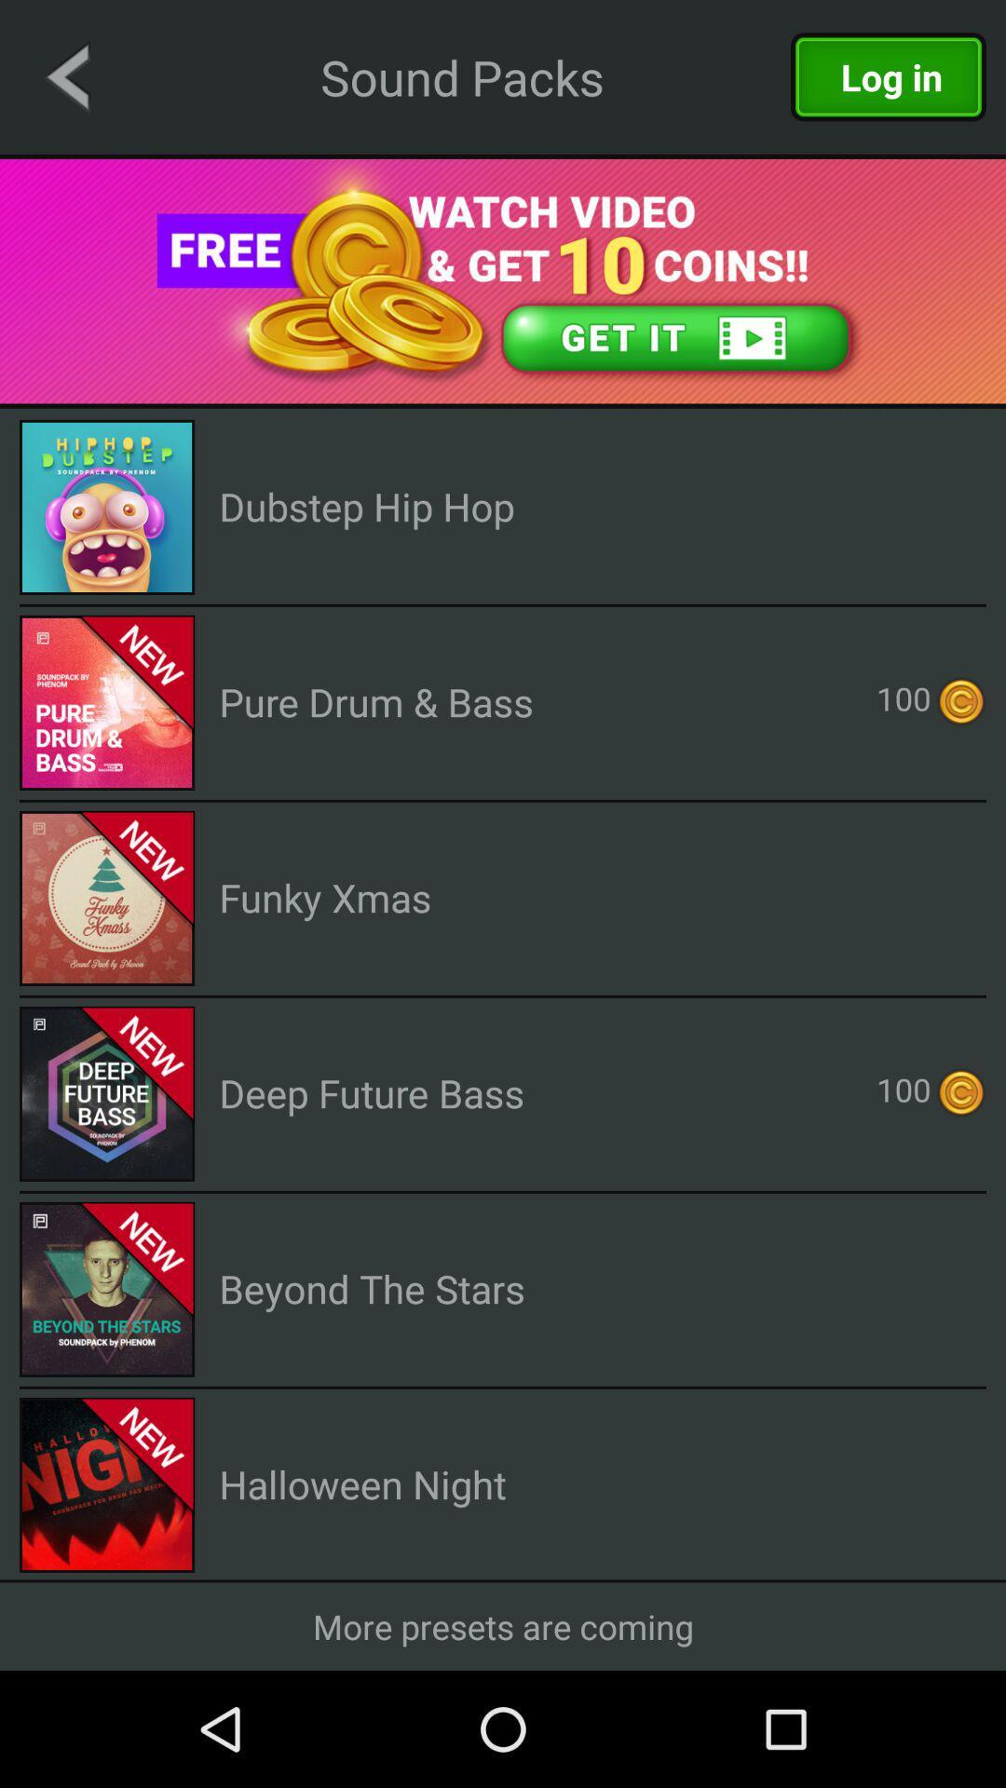 This screenshot has height=1788, width=1006. I want to click on item to the left of sound packs item, so click(66, 75).